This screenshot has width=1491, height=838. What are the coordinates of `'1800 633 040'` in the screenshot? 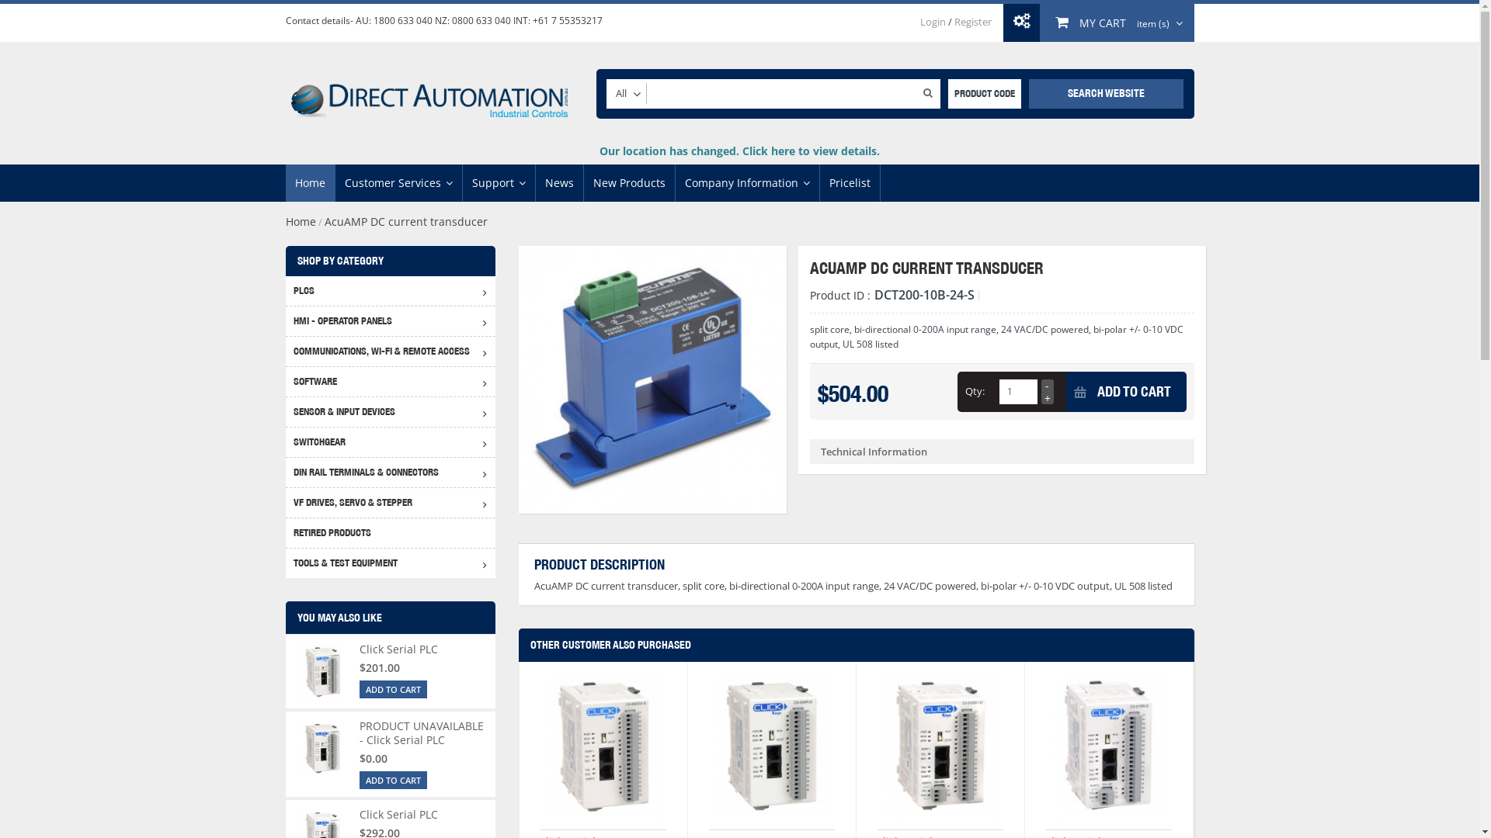 It's located at (402, 20).